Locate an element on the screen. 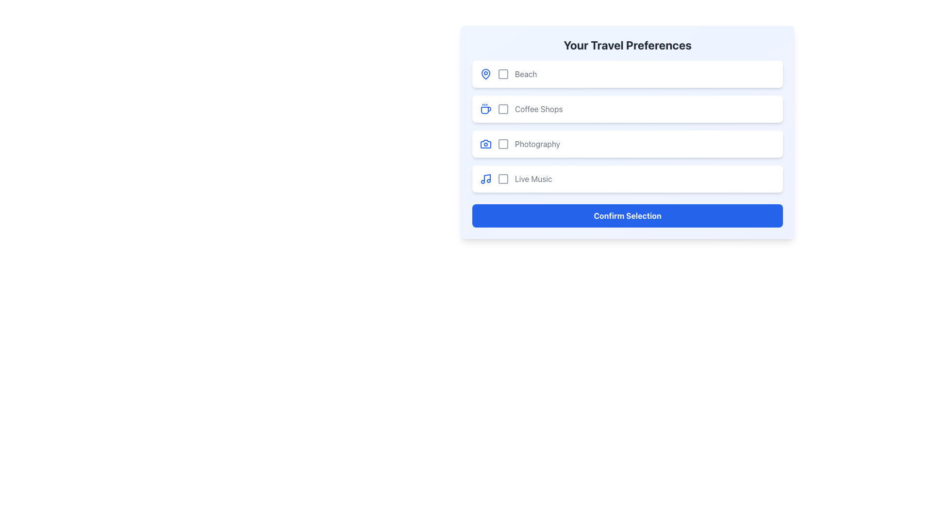 This screenshot has width=932, height=524. the distinct rectangular 'Confirm Selection' button with a bright blue background and bold white text, located at the bottom of the user preferences box is located at coordinates (627, 215).